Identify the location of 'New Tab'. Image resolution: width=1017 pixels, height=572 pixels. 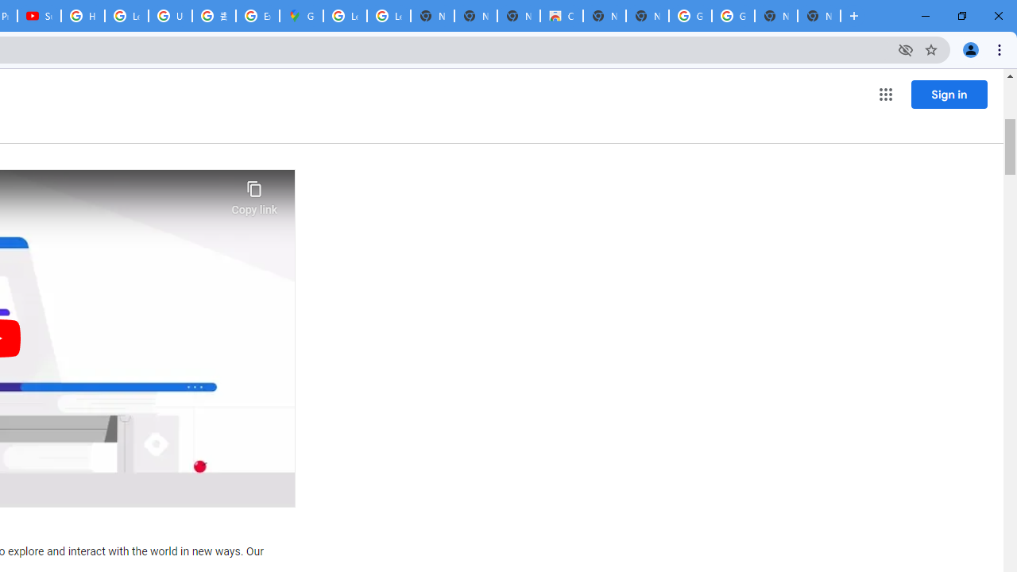
(819, 16).